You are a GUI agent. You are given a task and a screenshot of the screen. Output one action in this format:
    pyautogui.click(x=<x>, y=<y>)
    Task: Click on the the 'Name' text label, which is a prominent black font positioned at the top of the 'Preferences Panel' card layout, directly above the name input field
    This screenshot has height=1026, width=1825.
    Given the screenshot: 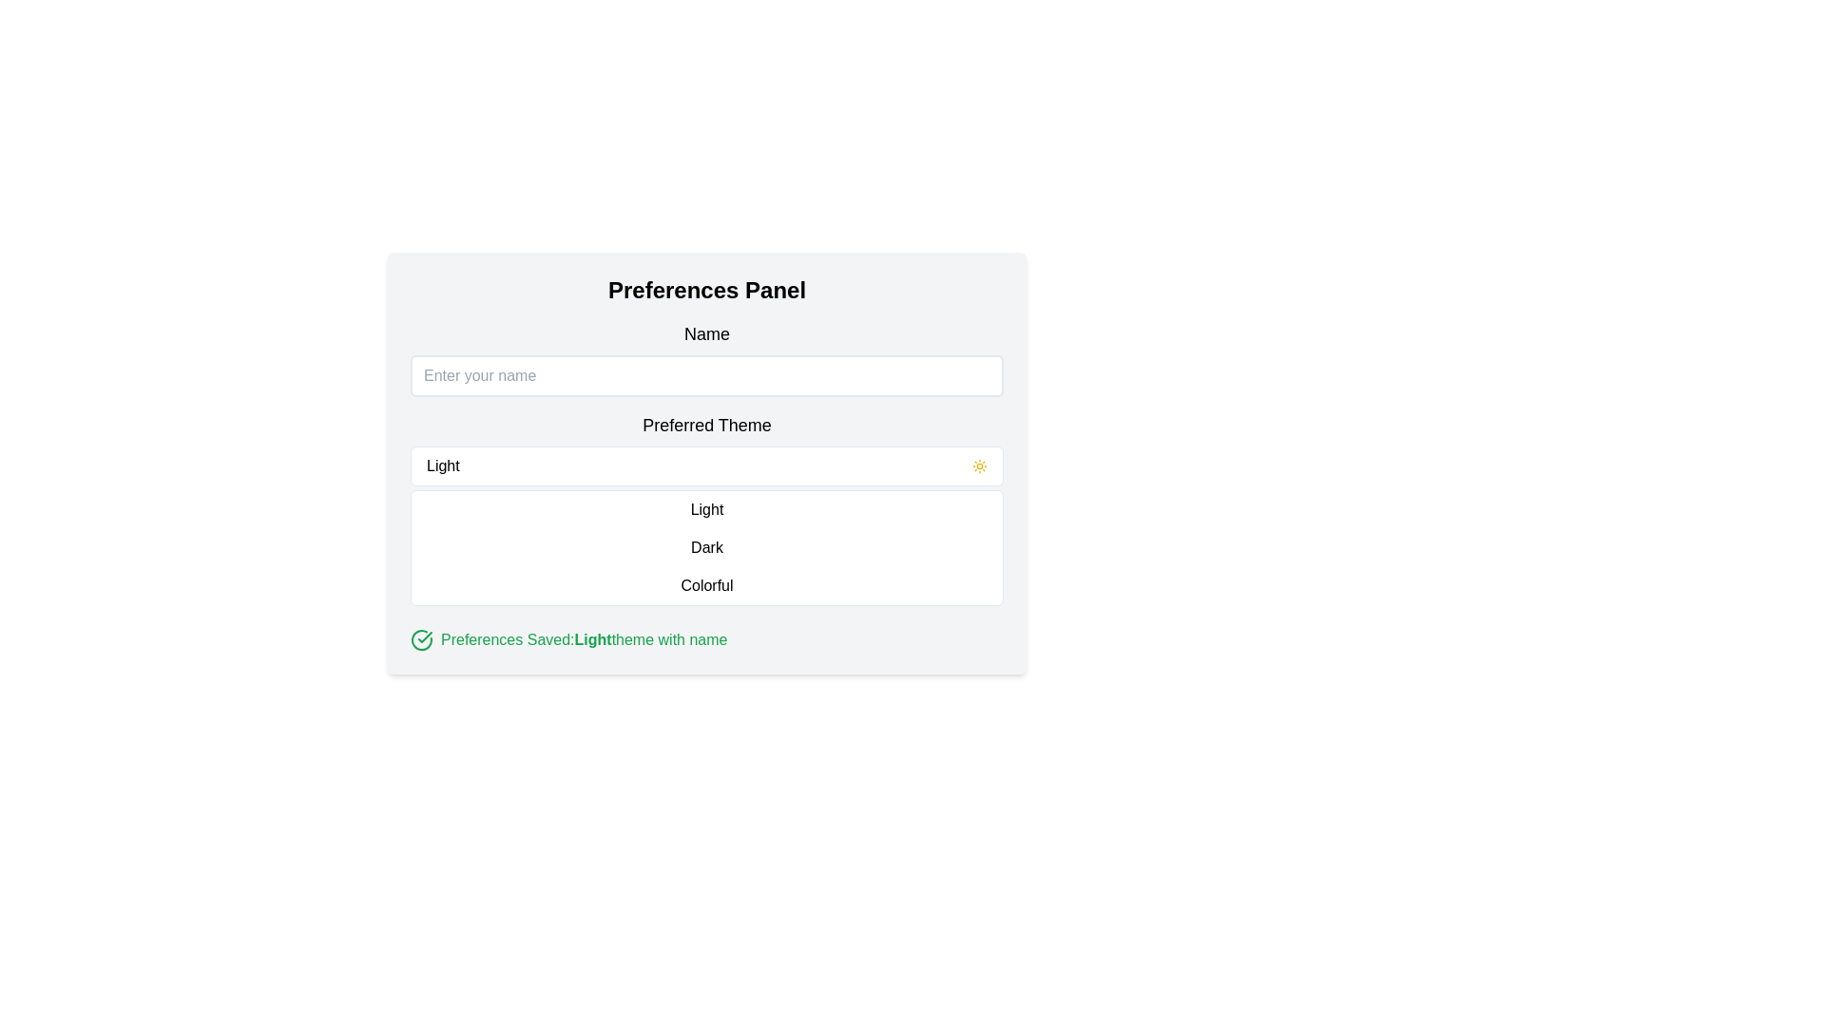 What is the action you would take?
    pyautogui.click(x=706, y=332)
    